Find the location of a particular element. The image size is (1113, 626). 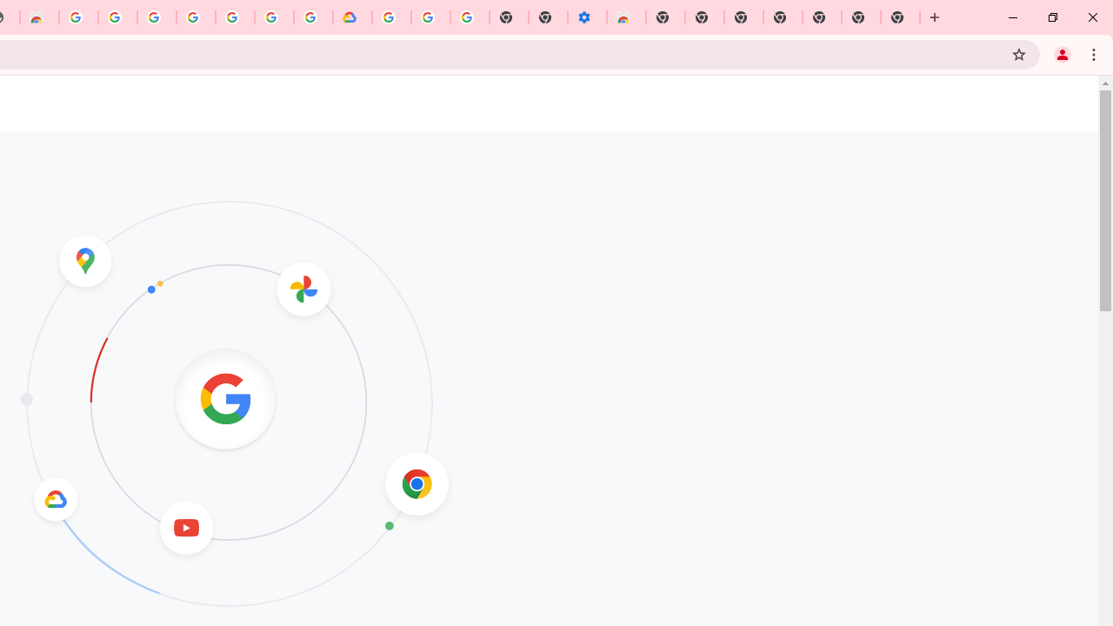

'New Tab' is located at coordinates (900, 17).